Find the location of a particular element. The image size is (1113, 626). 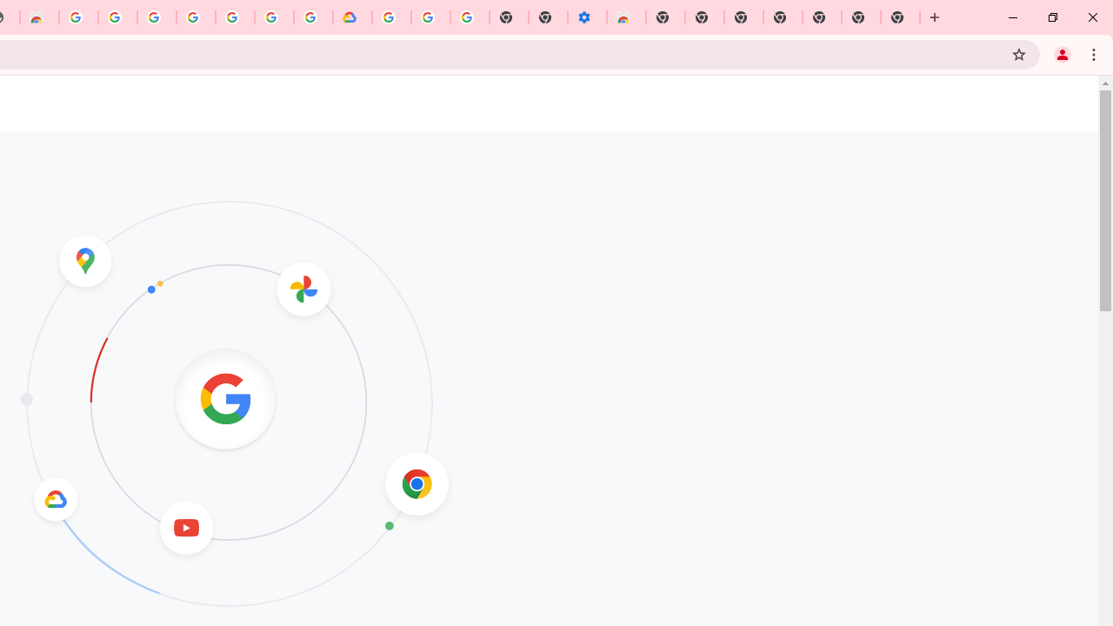

'New Tab' is located at coordinates (900, 17).